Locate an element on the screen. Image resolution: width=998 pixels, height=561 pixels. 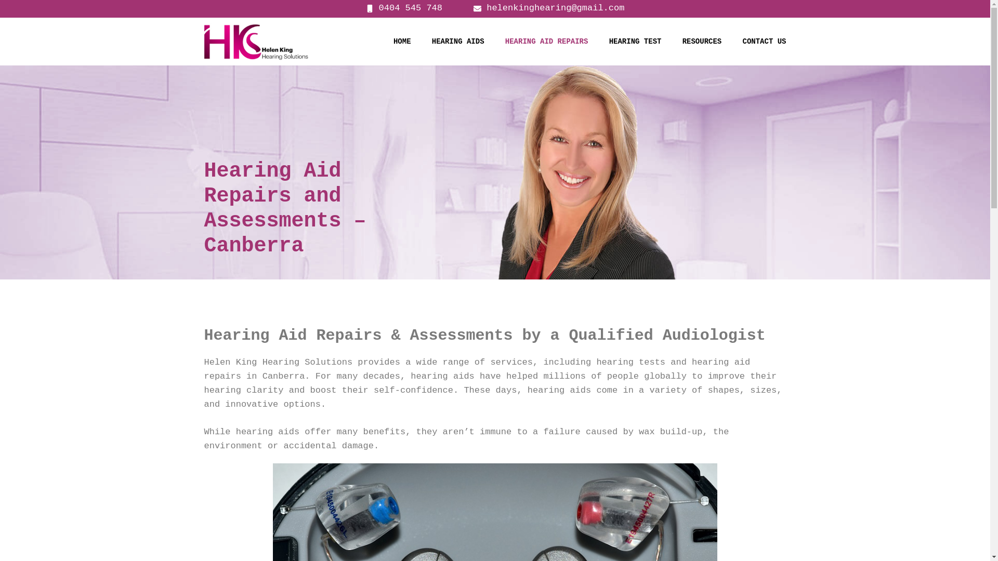
'HEARING AIDS' is located at coordinates (457, 41).